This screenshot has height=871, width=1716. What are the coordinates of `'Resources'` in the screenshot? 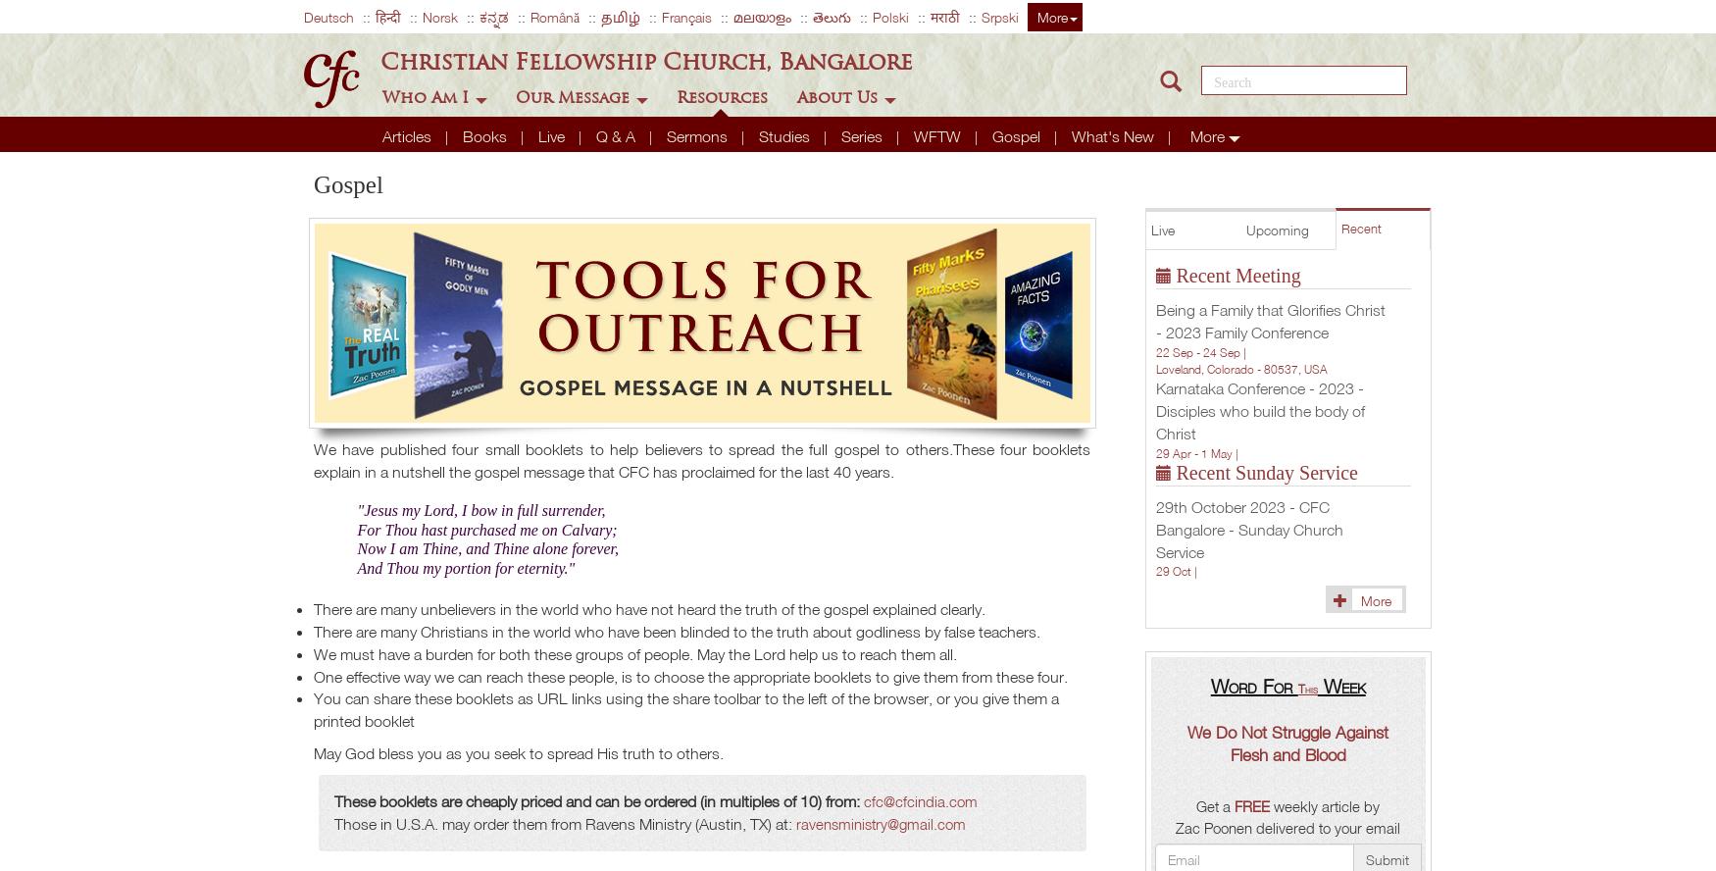 It's located at (723, 95).